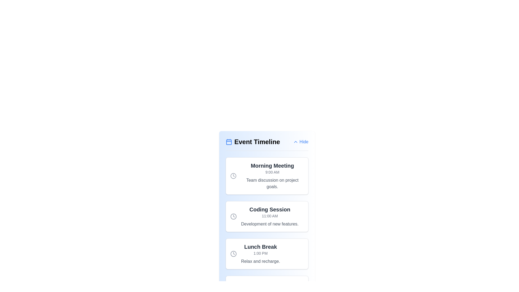 Image resolution: width=519 pixels, height=292 pixels. Describe the element at coordinates (272, 165) in the screenshot. I see `the Text Label that serves as a section header for the upcoming event or meeting in the timeline` at that location.